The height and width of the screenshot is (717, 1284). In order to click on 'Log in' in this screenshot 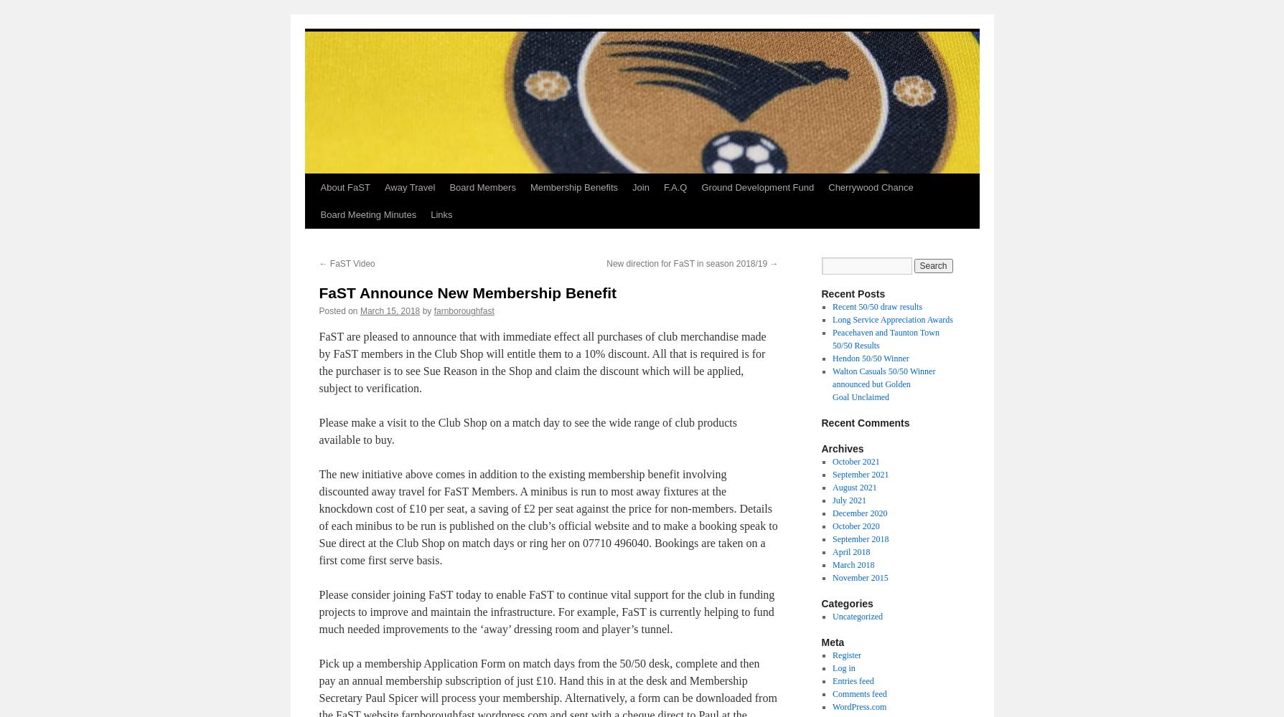, I will do `click(843, 668)`.